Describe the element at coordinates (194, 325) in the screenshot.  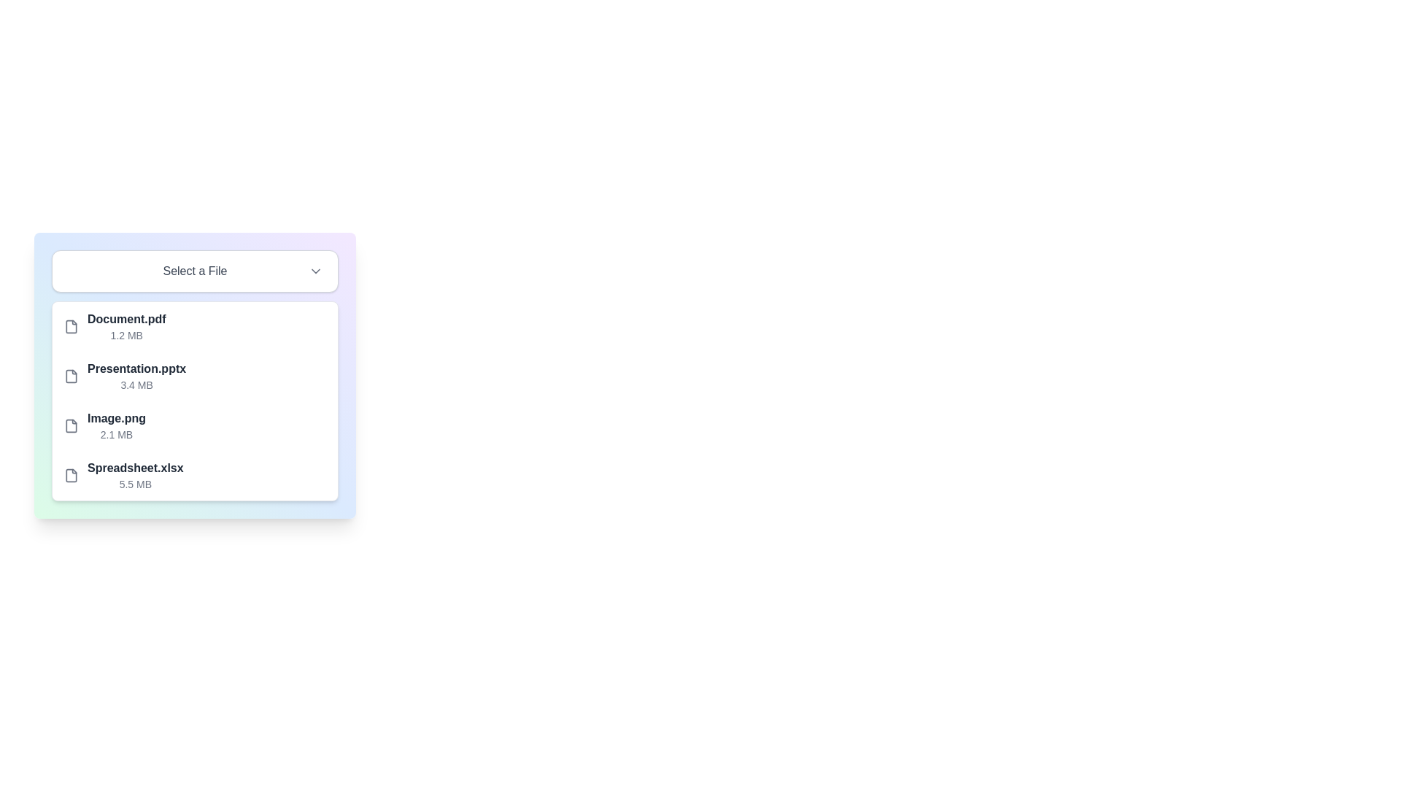
I see `the first file entry row in the file picker interface` at that location.